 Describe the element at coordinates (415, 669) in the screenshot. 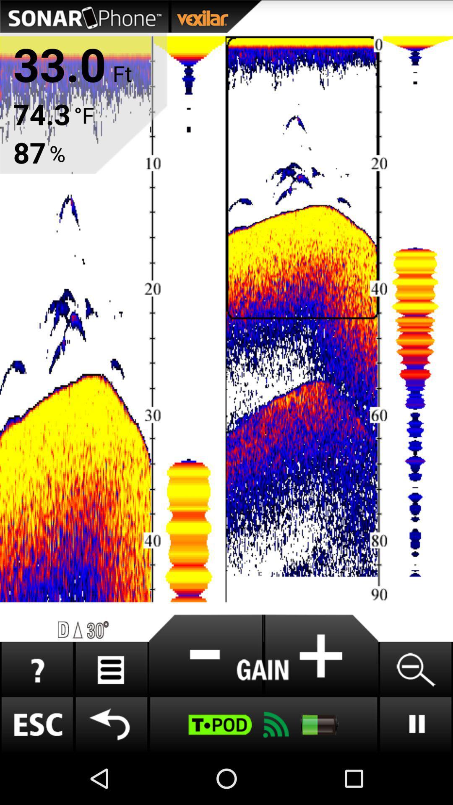

I see `zoom out` at that location.